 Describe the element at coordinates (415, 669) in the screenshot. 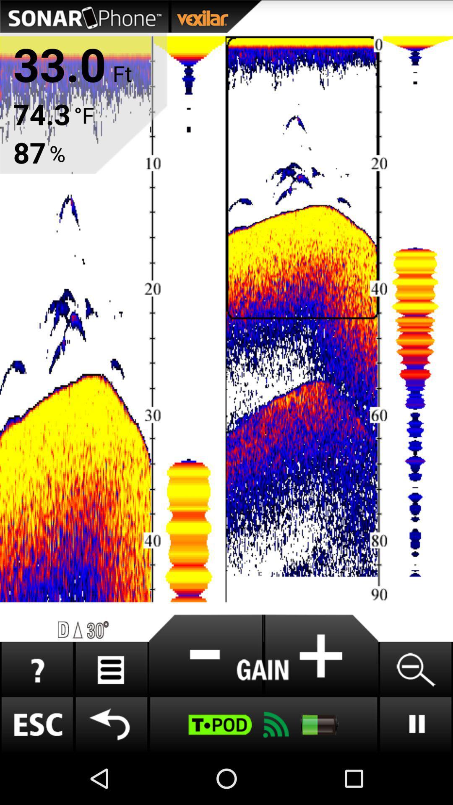

I see `zoom out` at that location.